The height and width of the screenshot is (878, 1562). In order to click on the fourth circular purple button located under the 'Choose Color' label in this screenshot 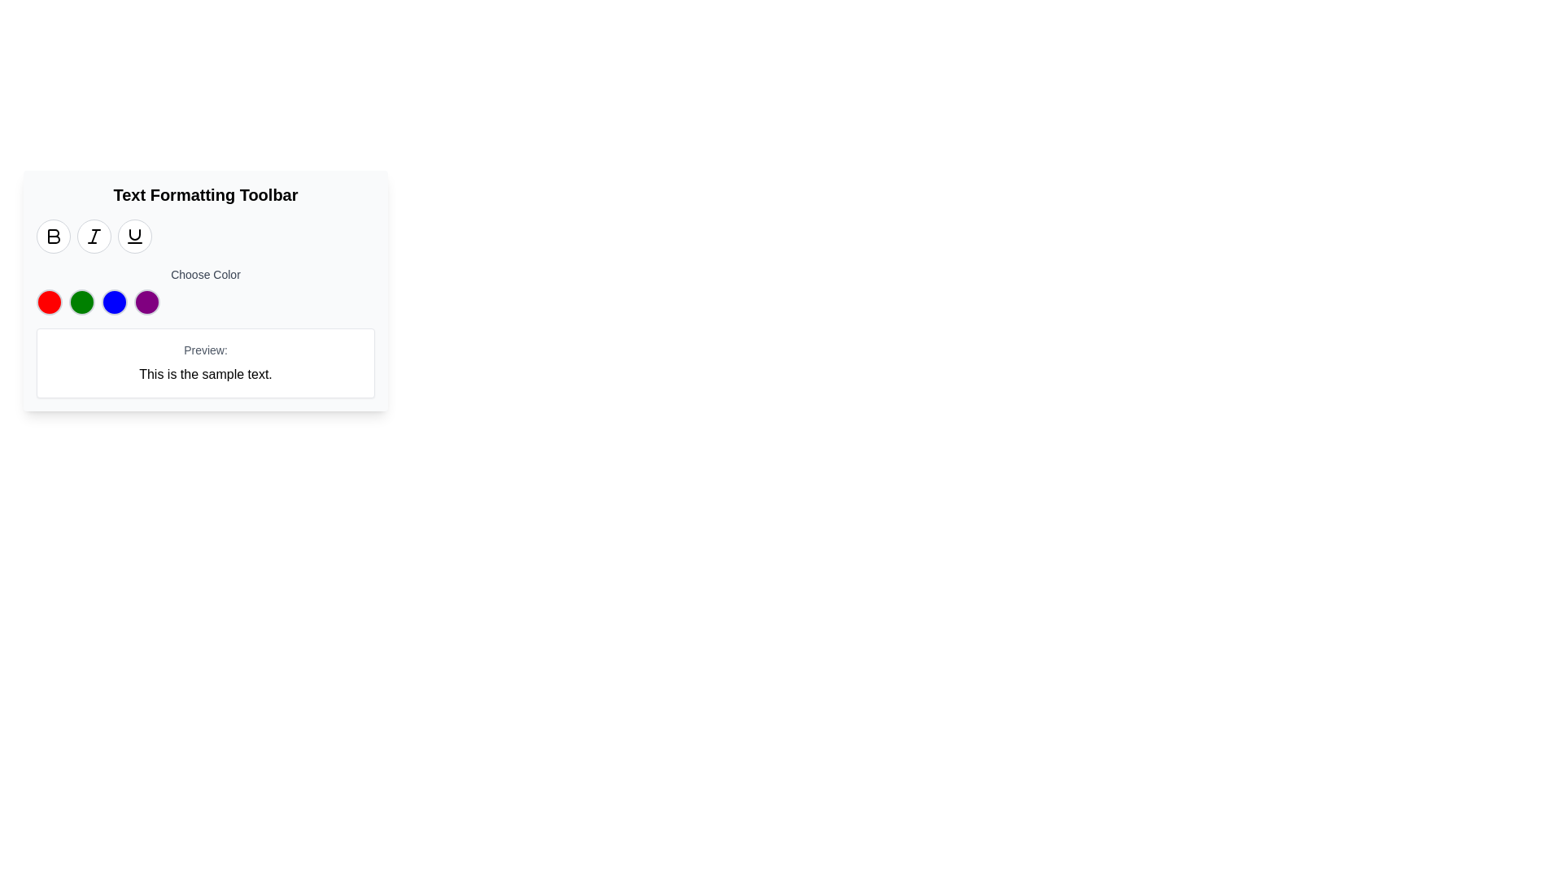, I will do `click(147, 302)`.